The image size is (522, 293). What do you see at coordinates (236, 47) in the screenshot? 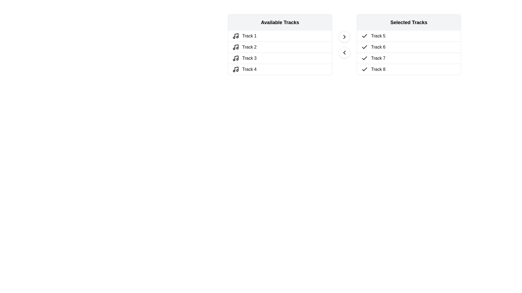
I see `the SVG-based icon element that visually represents the musical track for 'Track 2' in the 'Available Tracks' section` at bounding box center [236, 47].